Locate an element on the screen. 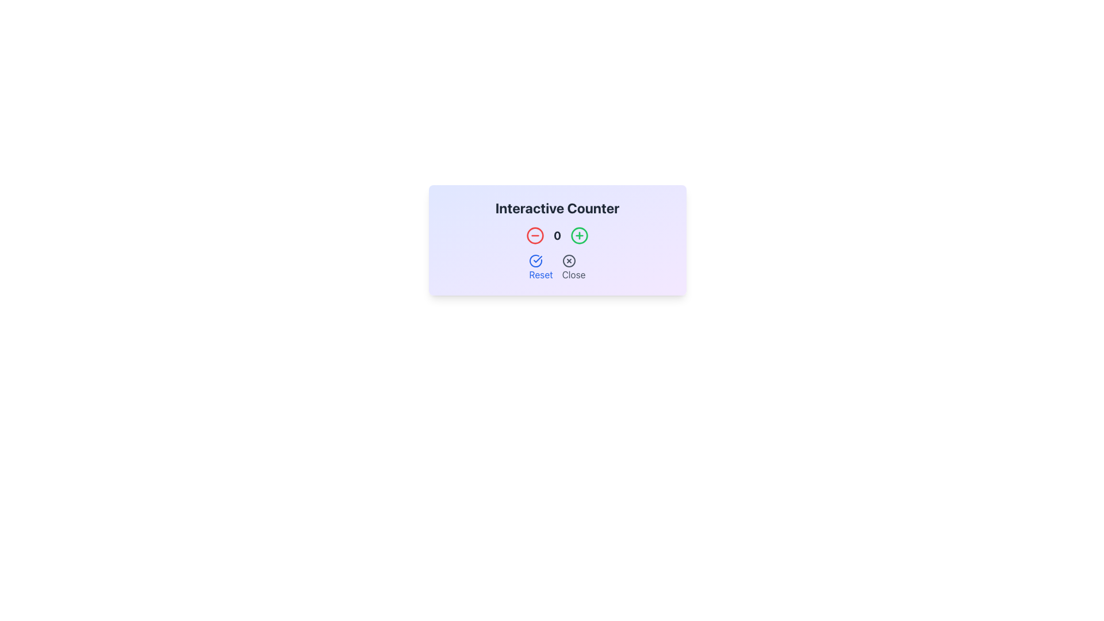 This screenshot has height=621, width=1104. the bold numeral '0' displayed in large gray font, centrally located between a red minus icon and a green plus icon is located at coordinates (557, 235).